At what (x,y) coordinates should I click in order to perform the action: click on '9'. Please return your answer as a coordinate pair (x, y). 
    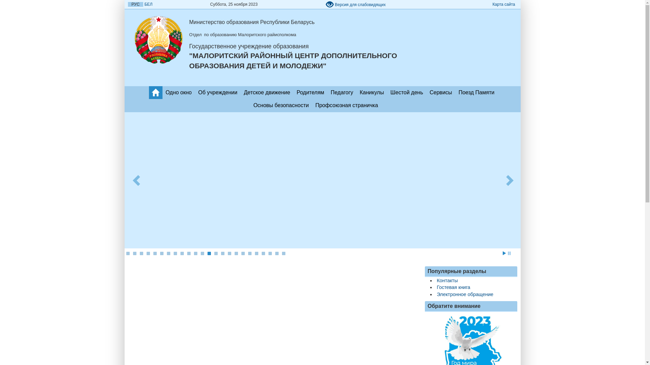
    Looking at the image, I should click on (182, 253).